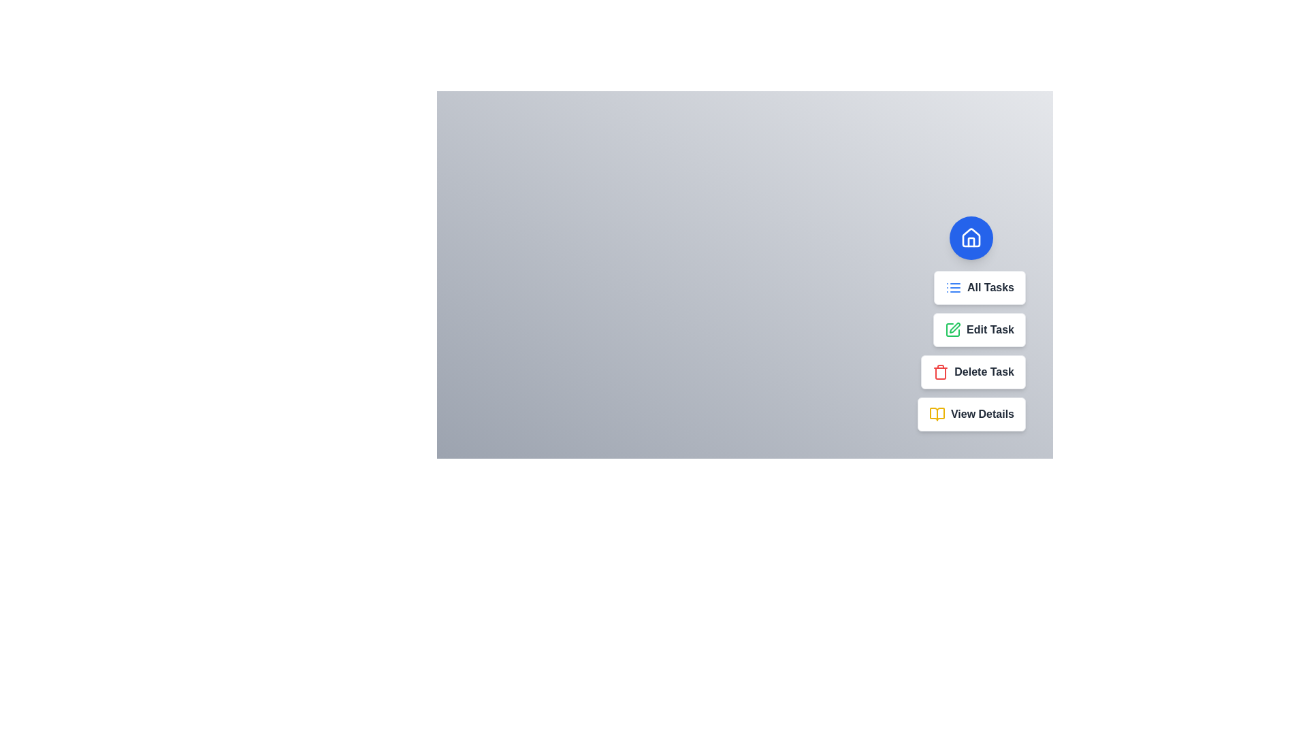 This screenshot has width=1307, height=735. I want to click on the task option Edit Task from the speed dial menu, so click(979, 330).